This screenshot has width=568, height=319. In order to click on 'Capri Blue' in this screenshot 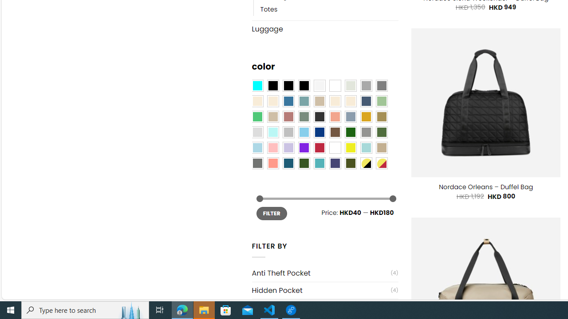, I will do `click(288, 163)`.